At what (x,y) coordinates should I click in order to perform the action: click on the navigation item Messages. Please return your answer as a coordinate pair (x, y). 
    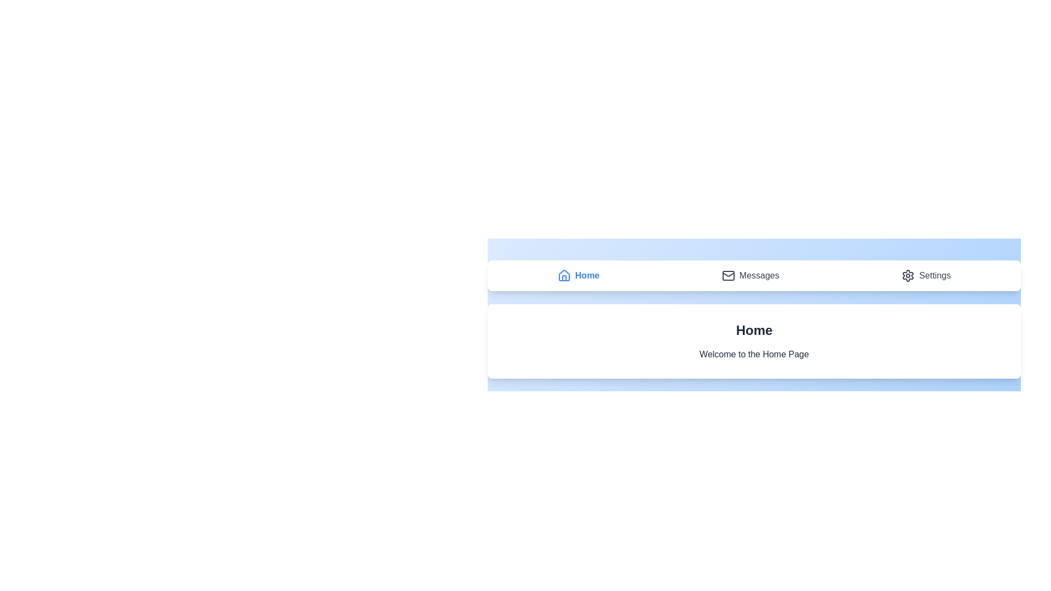
    Looking at the image, I should click on (750, 275).